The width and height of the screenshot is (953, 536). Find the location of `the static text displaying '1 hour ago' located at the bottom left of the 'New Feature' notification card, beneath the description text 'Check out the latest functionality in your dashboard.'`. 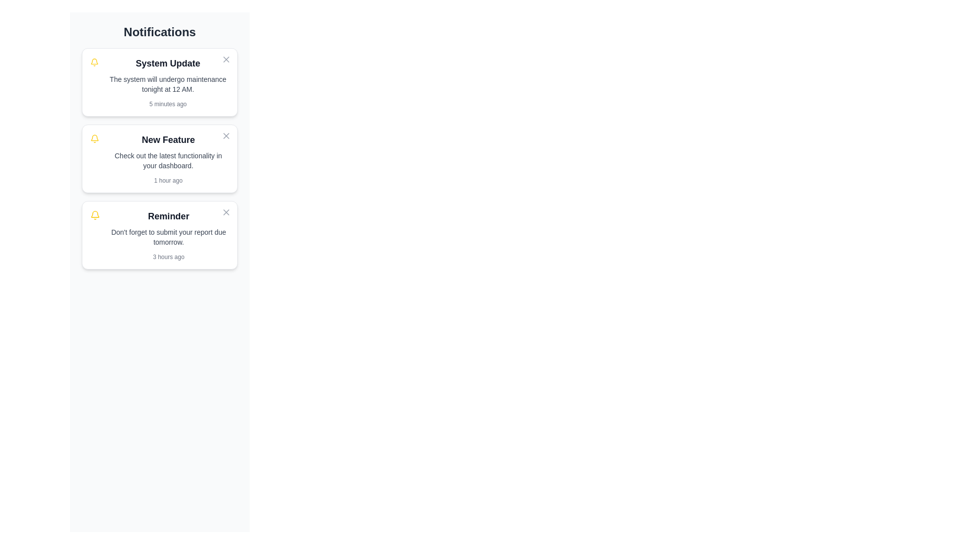

the static text displaying '1 hour ago' located at the bottom left of the 'New Feature' notification card, beneath the description text 'Check out the latest functionality in your dashboard.' is located at coordinates (168, 180).